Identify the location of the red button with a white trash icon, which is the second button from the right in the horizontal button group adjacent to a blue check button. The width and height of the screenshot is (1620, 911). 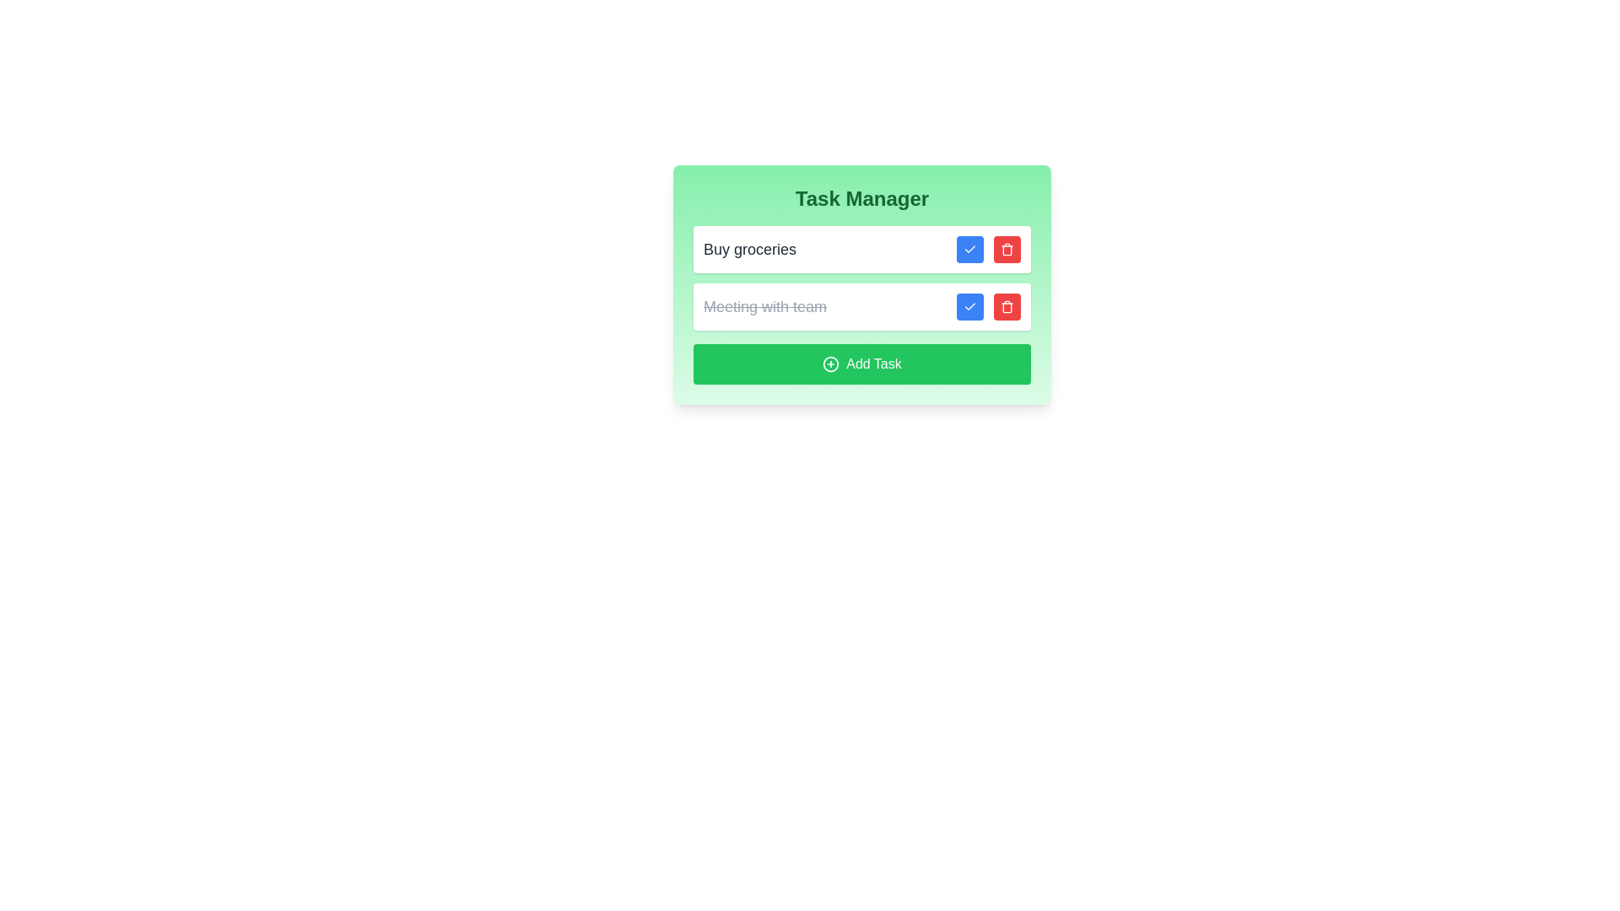
(1007, 250).